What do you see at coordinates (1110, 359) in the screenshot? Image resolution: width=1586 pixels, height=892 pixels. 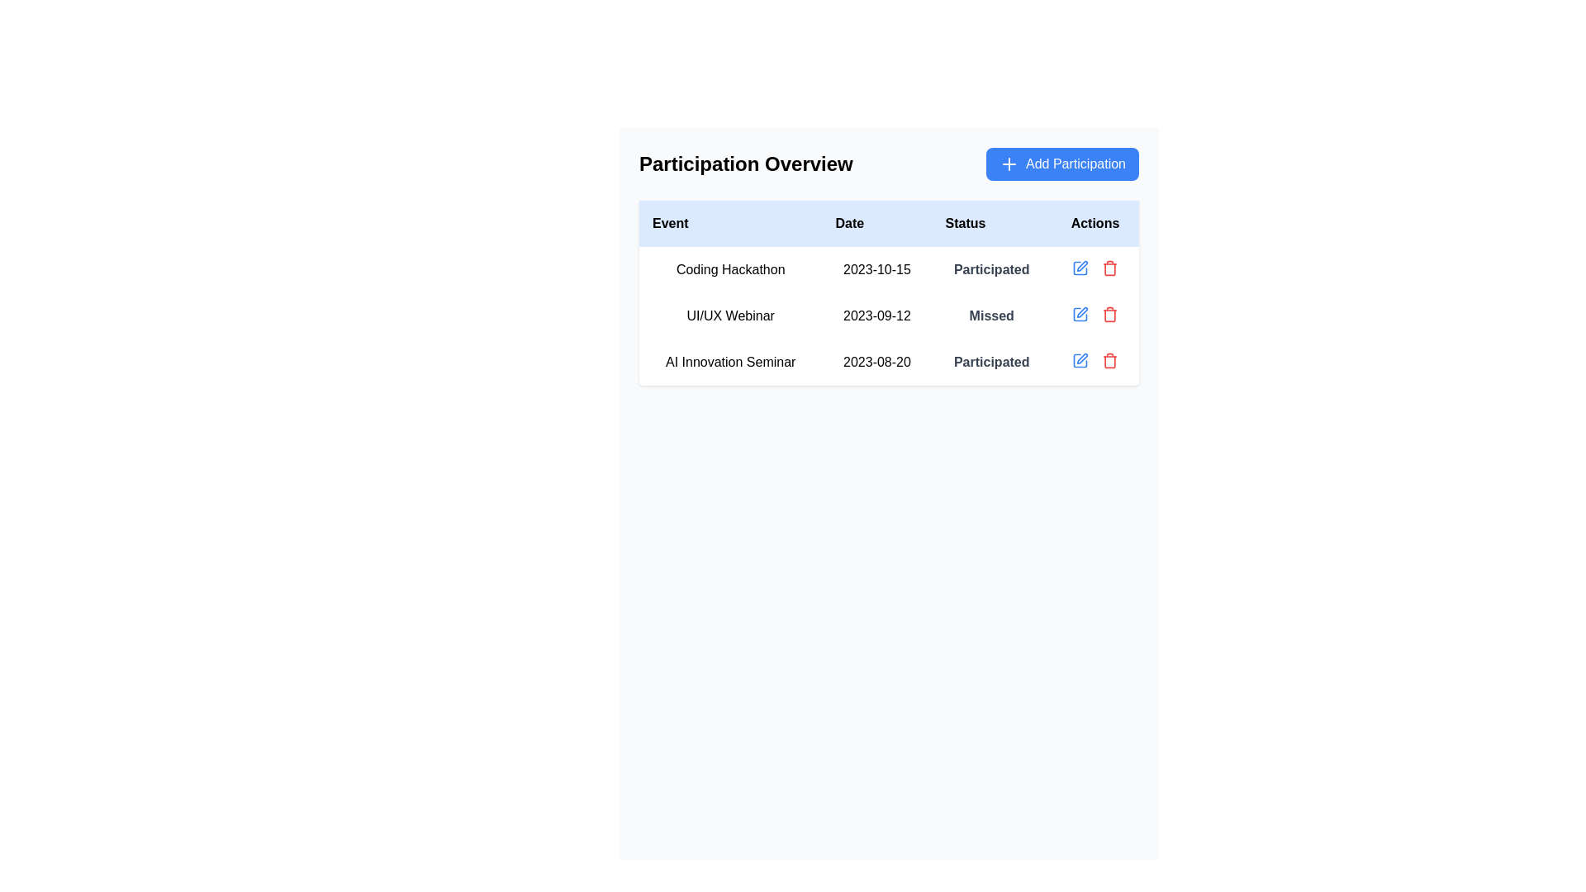 I see `the 'Delete' button located at the rightmost position in the 'Actions' column of the last row in the table to change its color` at bounding box center [1110, 359].